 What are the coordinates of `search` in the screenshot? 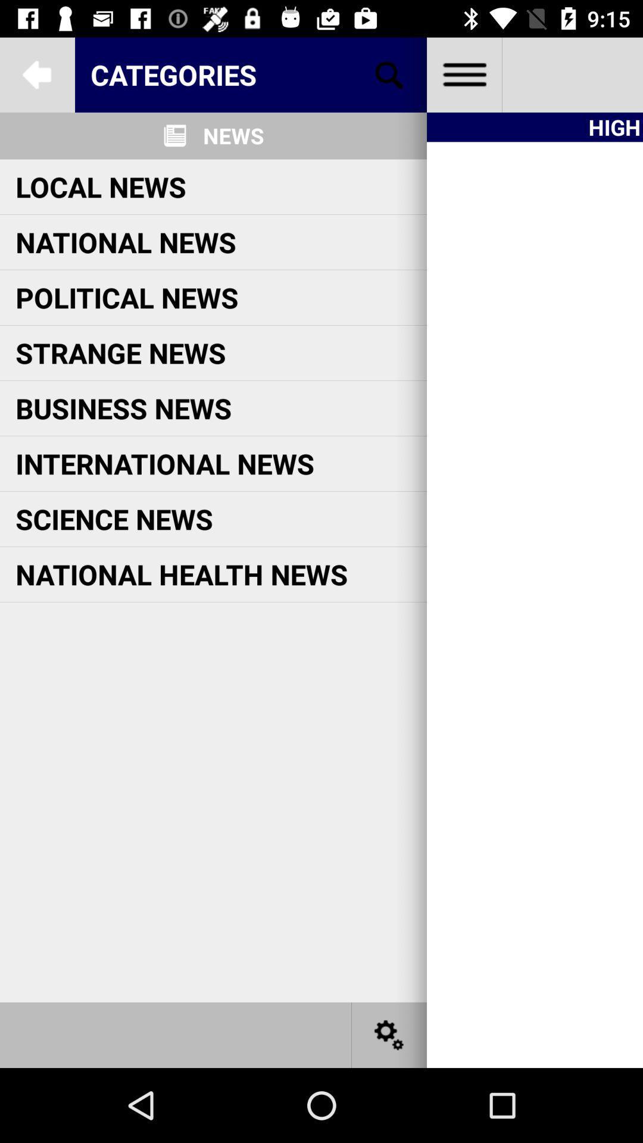 It's located at (389, 74).